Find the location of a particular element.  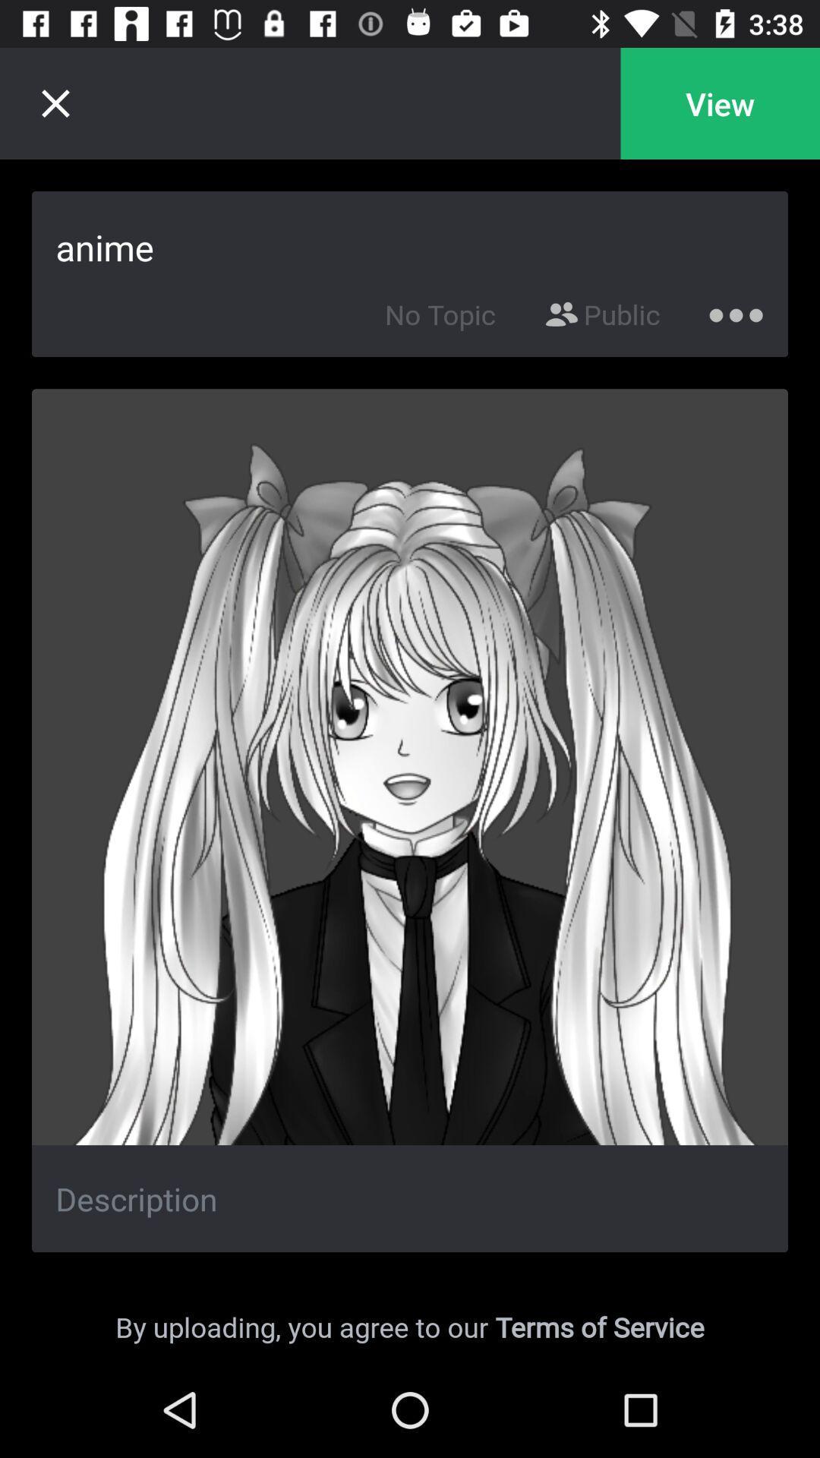

more options is located at coordinates (735, 311).